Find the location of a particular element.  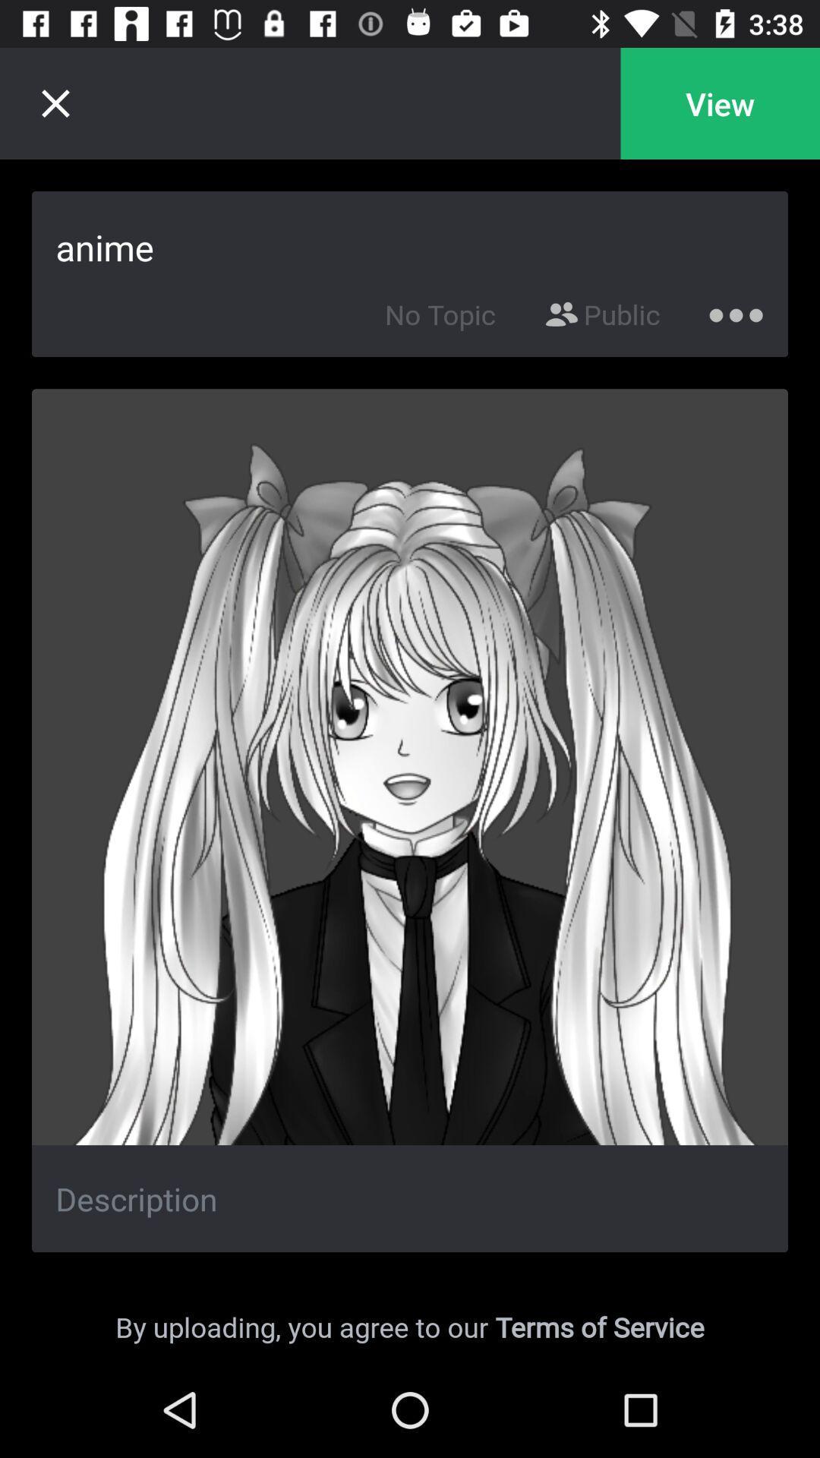

more options is located at coordinates (735, 311).